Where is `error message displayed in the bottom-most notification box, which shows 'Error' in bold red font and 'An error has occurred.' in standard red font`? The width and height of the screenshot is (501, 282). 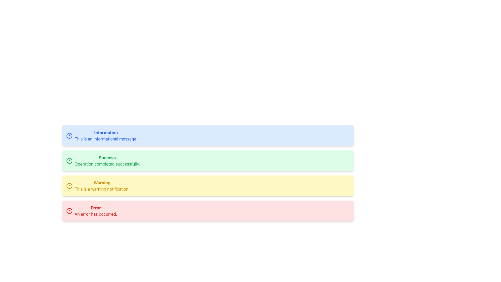 error message displayed in the bottom-most notification box, which shows 'Error' in bold red font and 'An error has occurred.' in standard red font is located at coordinates (96, 210).